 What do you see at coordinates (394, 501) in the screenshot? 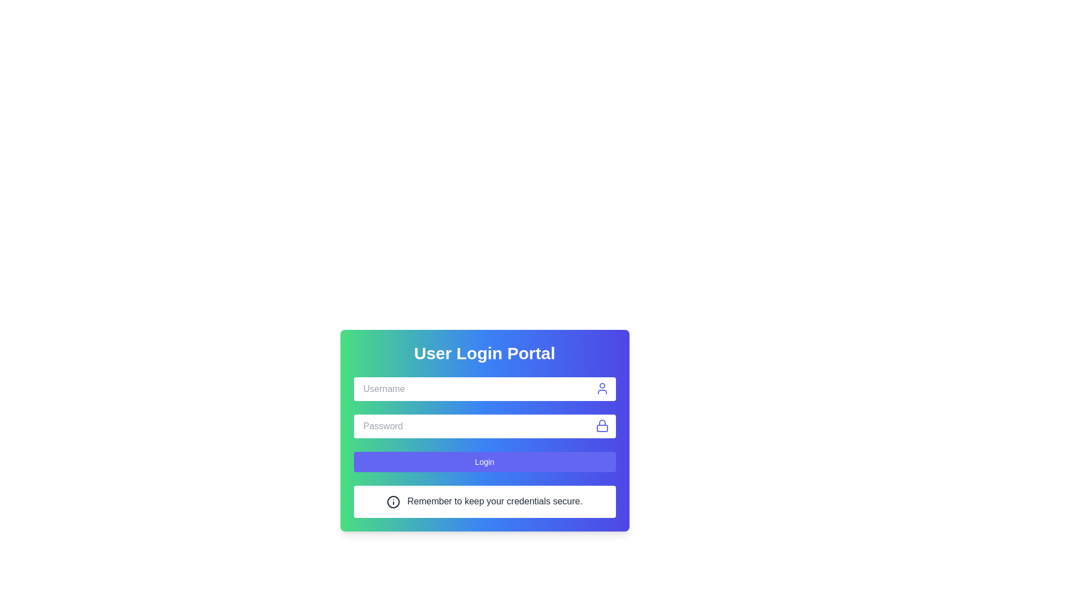
I see `the circular icon representing an alert or information symbol, located to the left of the 'Remember to keep your credentials secure.' text line` at bounding box center [394, 501].